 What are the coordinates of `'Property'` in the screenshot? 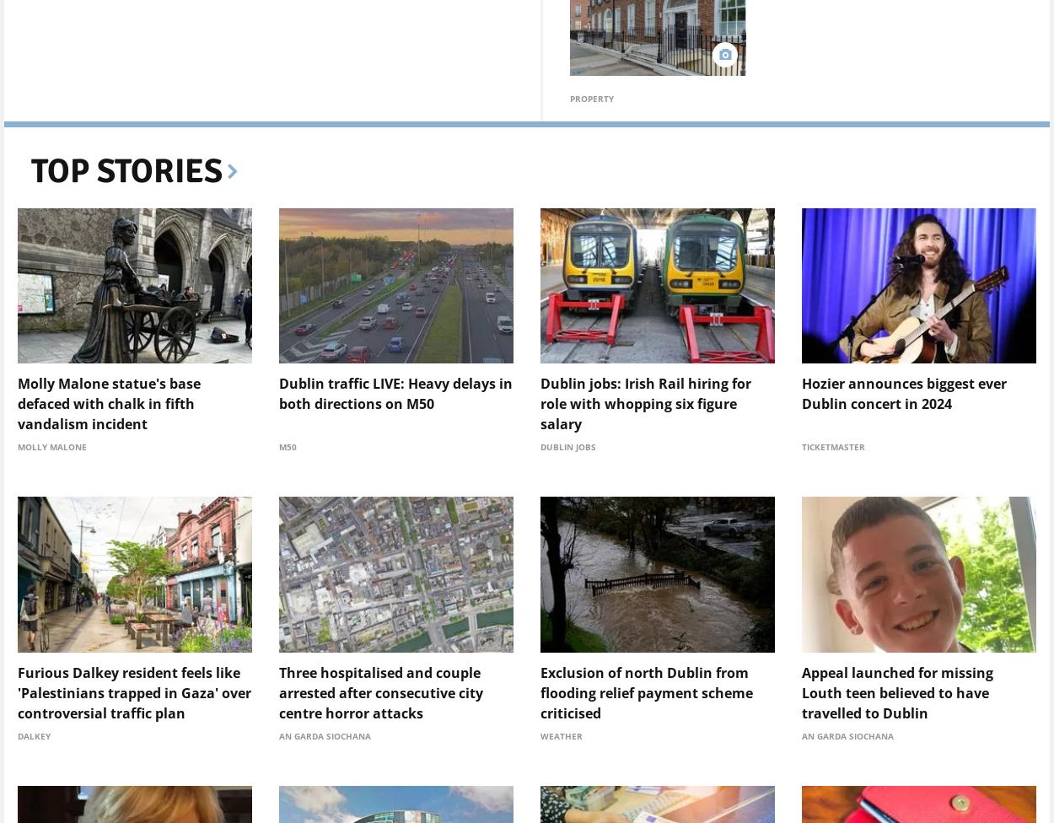 It's located at (591, 99).